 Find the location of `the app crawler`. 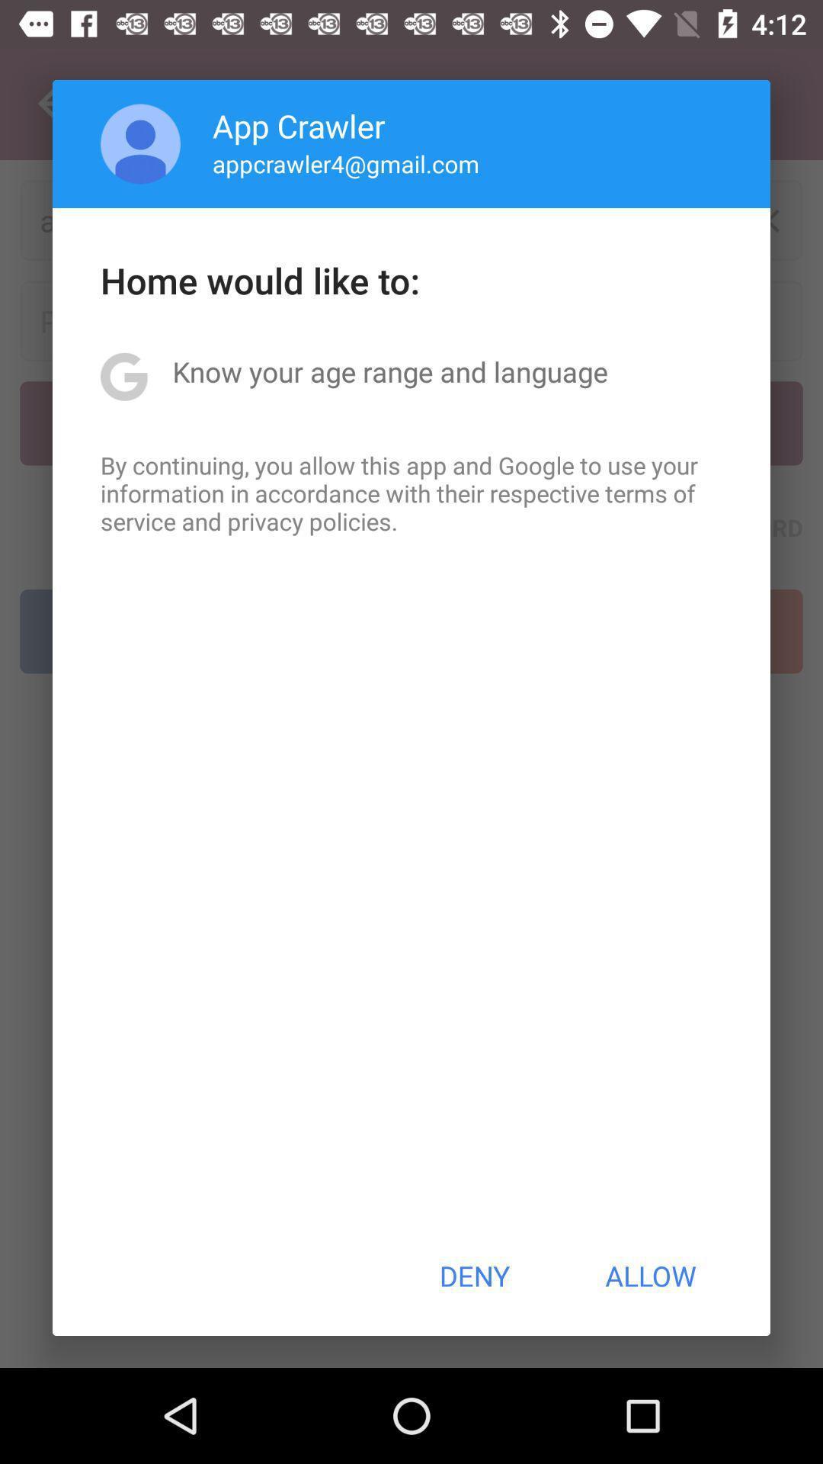

the app crawler is located at coordinates (299, 125).